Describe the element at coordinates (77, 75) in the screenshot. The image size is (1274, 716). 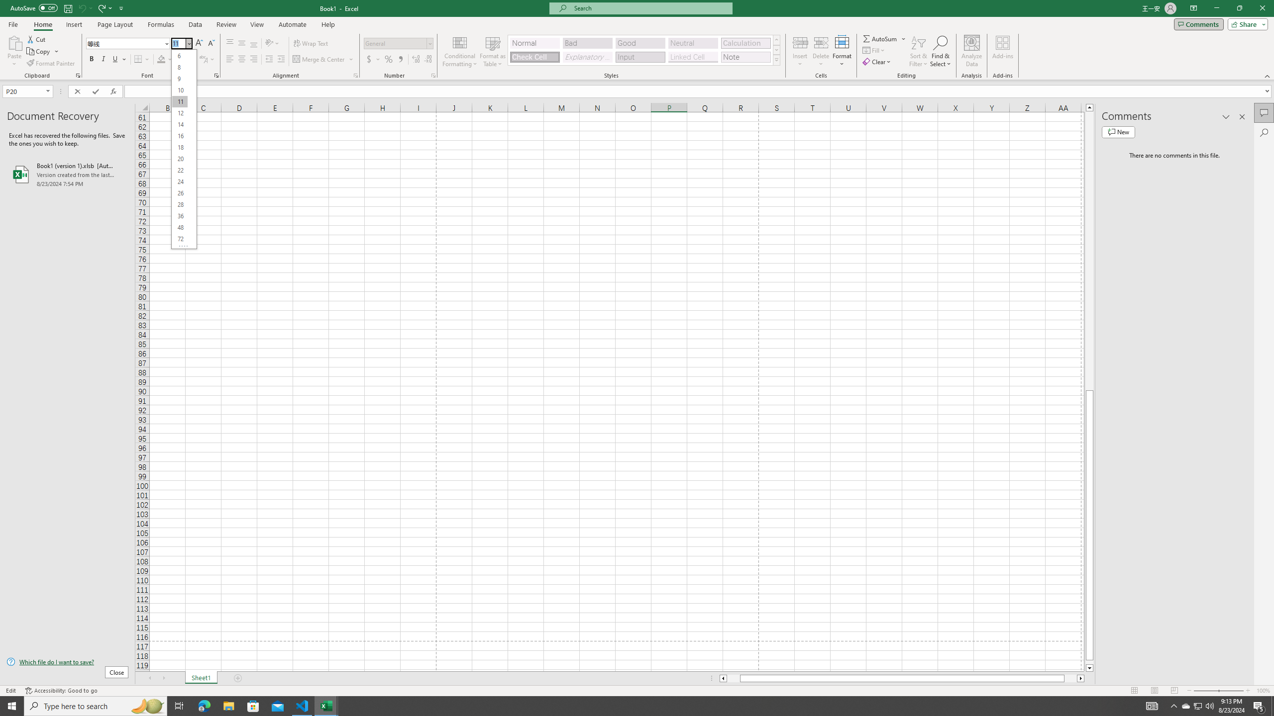
I see `'Office Clipboard...'` at that location.